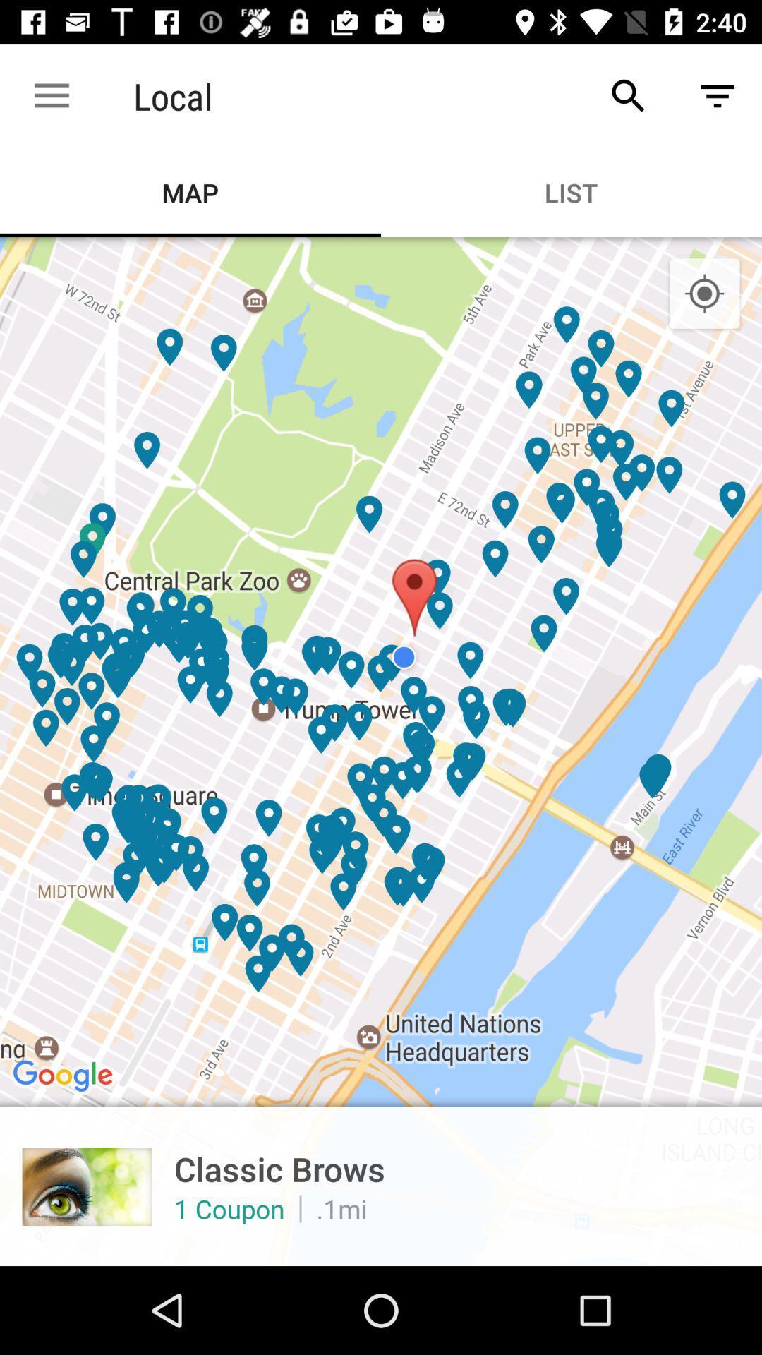 This screenshot has height=1355, width=762. Describe the element at coordinates (51, 95) in the screenshot. I see `the item next to local app` at that location.